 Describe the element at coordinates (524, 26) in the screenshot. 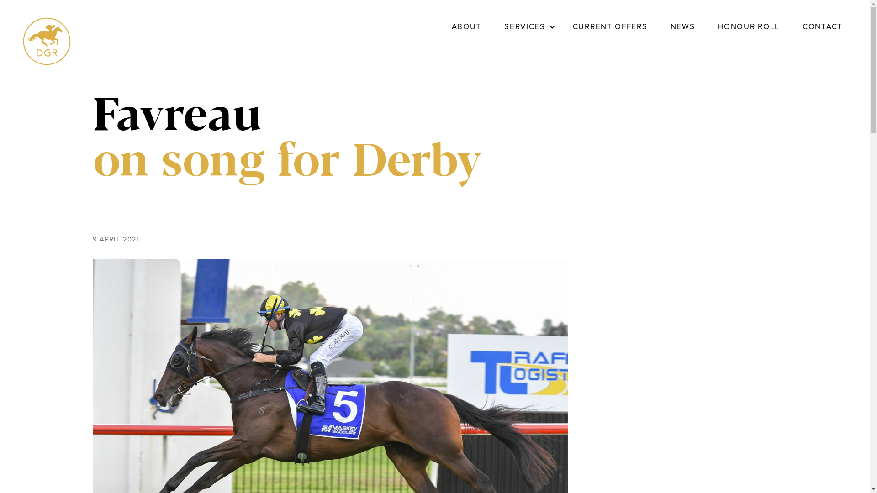

I see `'SERVICES'` at that location.